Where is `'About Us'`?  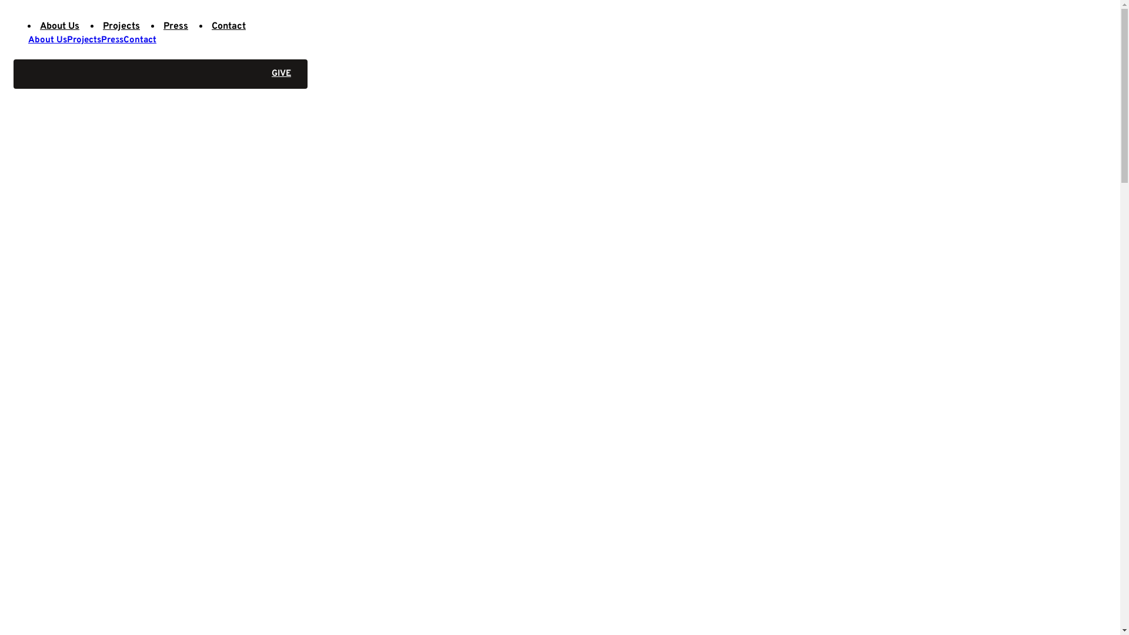
'About Us' is located at coordinates (47, 39).